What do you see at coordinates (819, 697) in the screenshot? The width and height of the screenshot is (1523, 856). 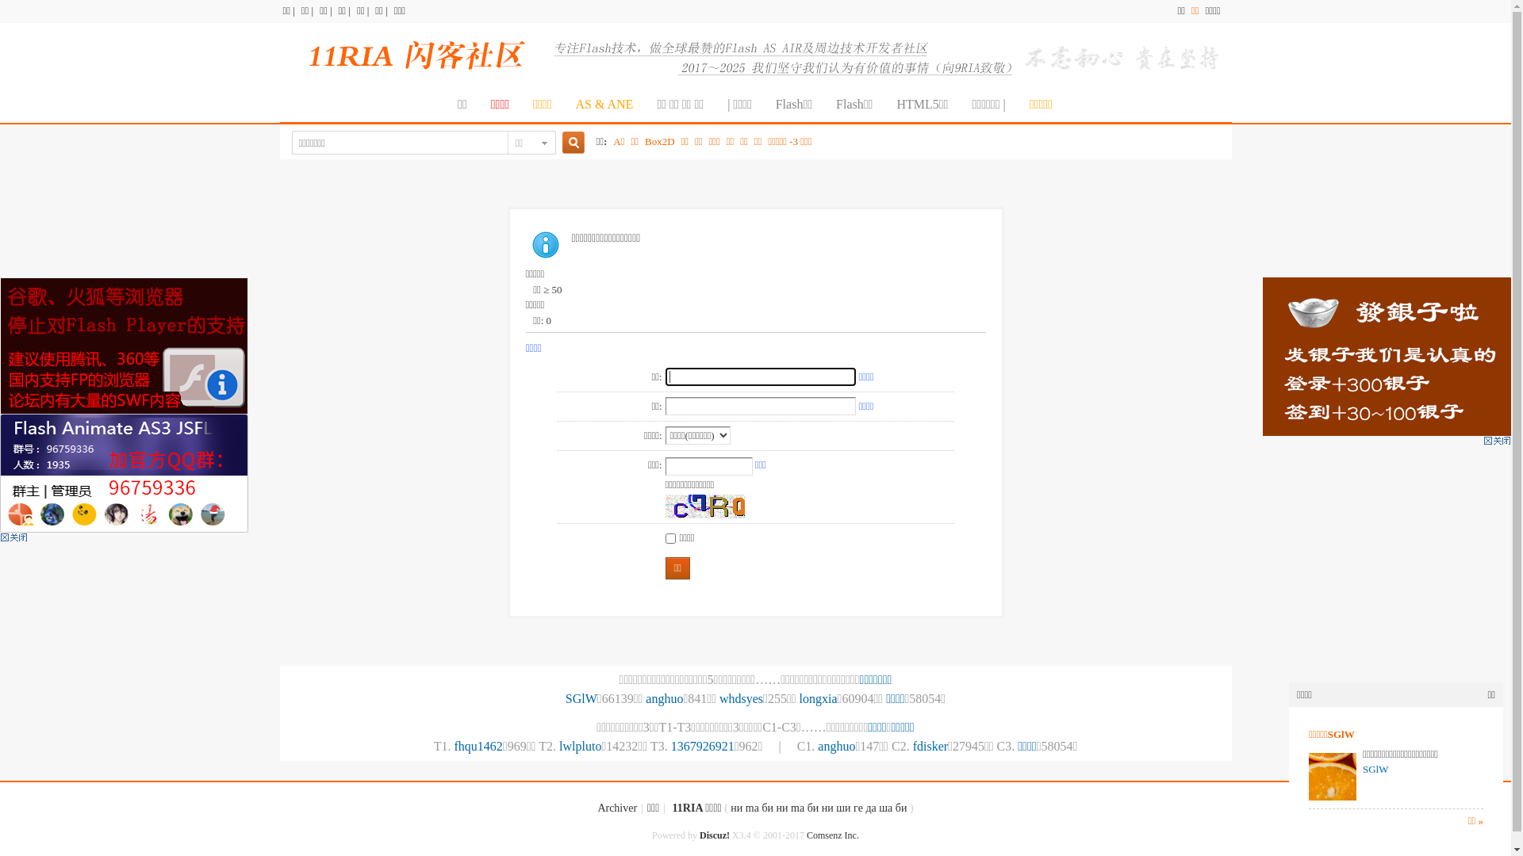 I see `'longxia'` at bounding box center [819, 697].